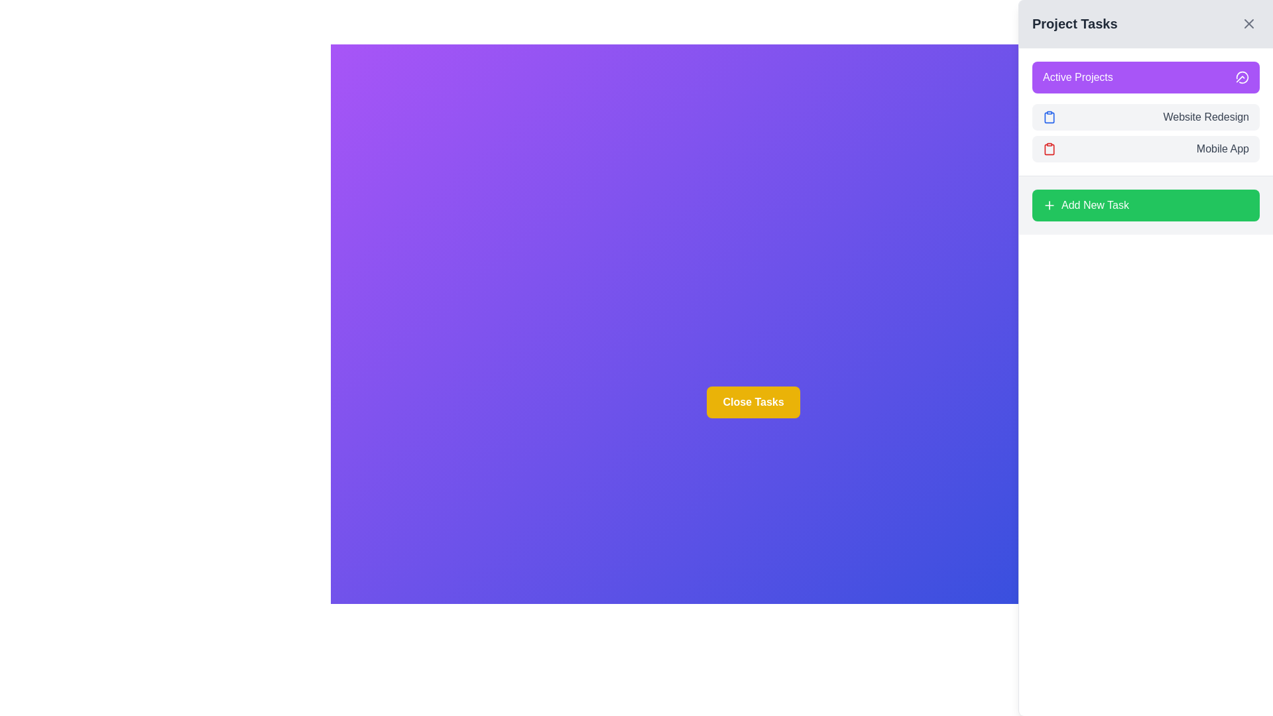 The image size is (1273, 716). What do you see at coordinates (1241, 77) in the screenshot?
I see `the circular checkmark icon located in the top-right corner of the 'Active Projects' button on the purple background in the 'Project Tasks' section` at bounding box center [1241, 77].